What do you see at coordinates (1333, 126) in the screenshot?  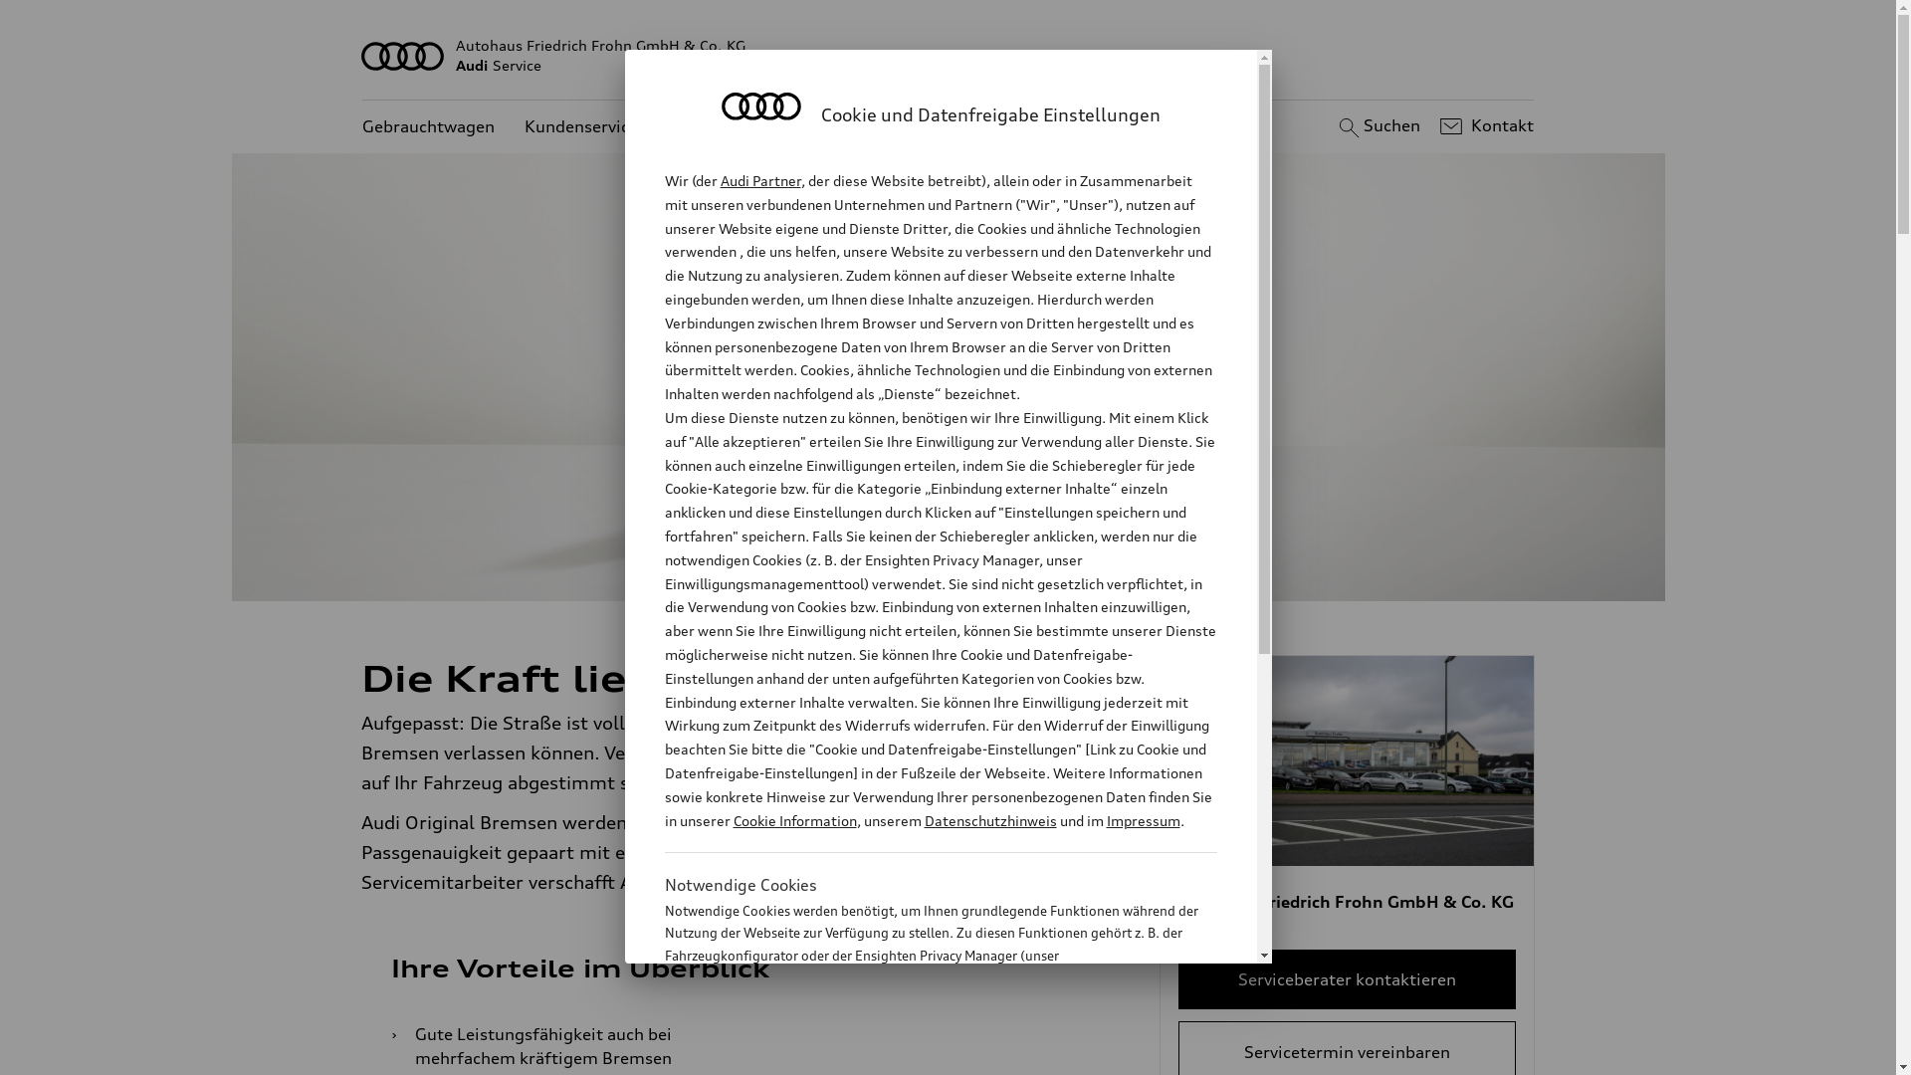 I see `'Suchen'` at bounding box center [1333, 126].